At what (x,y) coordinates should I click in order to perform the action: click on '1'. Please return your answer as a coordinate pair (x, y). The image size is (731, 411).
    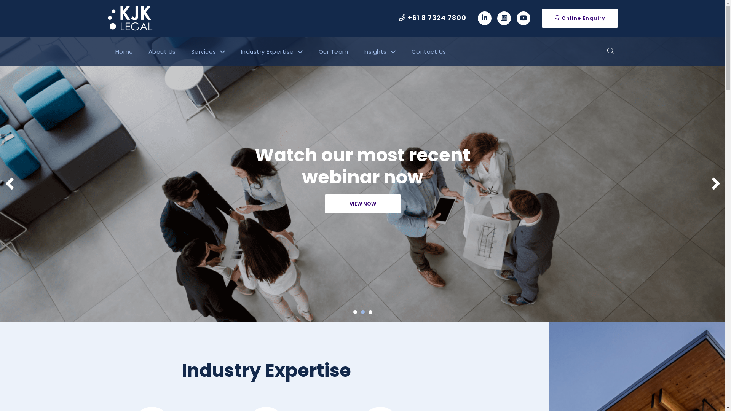
    Looking at the image, I should click on (354, 312).